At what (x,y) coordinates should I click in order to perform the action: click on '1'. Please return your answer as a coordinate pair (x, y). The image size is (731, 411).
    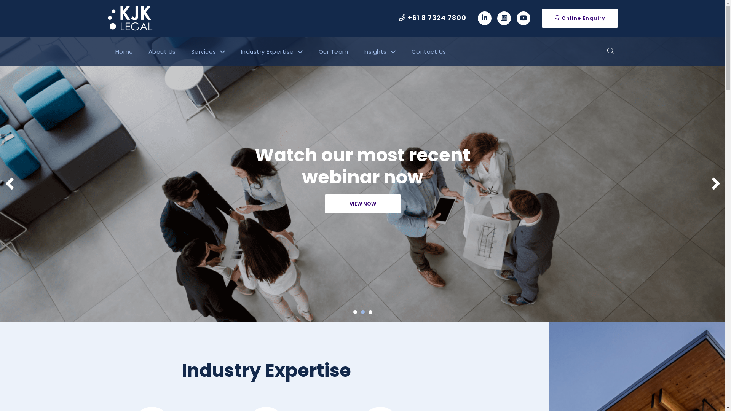
    Looking at the image, I should click on (354, 312).